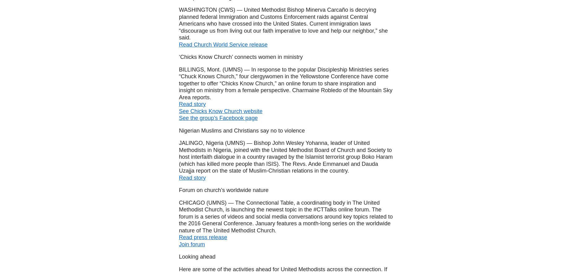 The height and width of the screenshot is (274, 572). I want to click on 'CHICAGO (UMNS) — The Connectional Table, a coordinating body in The United Methodist Church, is launching the newest topic in the #CTTalks online forum. The forum is a series of videos and social media conversations around key topics related to the 2016 General Conference. January features a month-long series on the worldwide nature of The United Methodist Church.', so click(178, 216).